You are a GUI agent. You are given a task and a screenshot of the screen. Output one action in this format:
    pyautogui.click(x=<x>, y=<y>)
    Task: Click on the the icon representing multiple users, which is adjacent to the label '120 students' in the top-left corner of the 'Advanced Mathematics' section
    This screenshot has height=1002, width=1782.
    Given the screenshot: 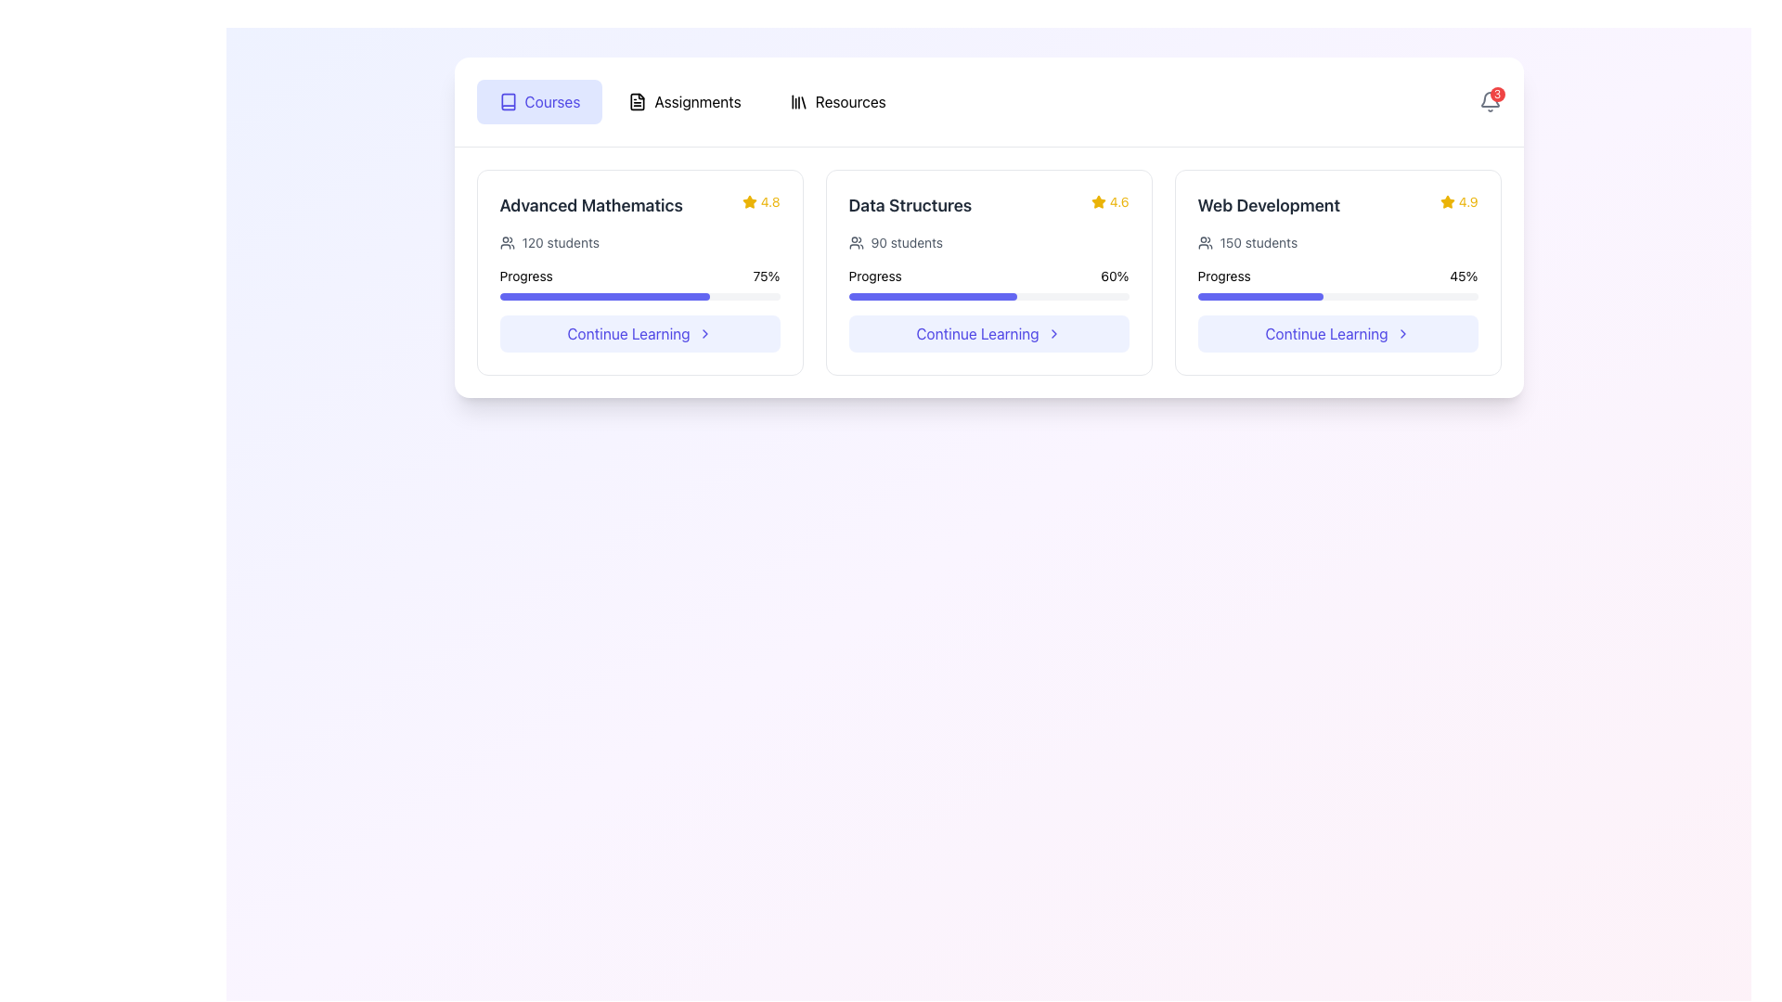 What is the action you would take?
    pyautogui.click(x=507, y=242)
    